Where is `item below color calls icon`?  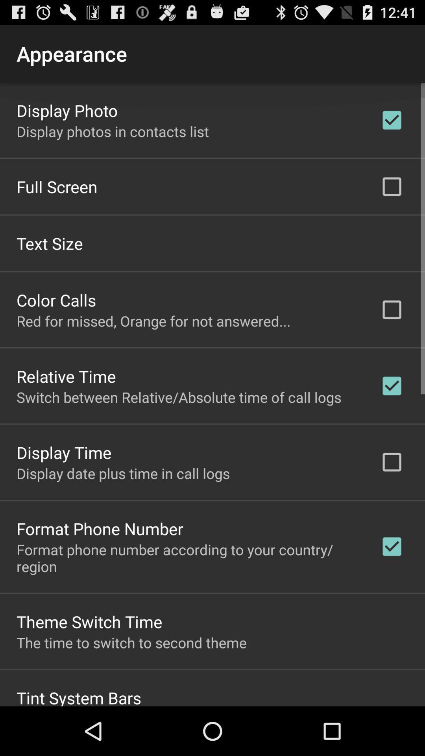
item below color calls icon is located at coordinates (153, 321).